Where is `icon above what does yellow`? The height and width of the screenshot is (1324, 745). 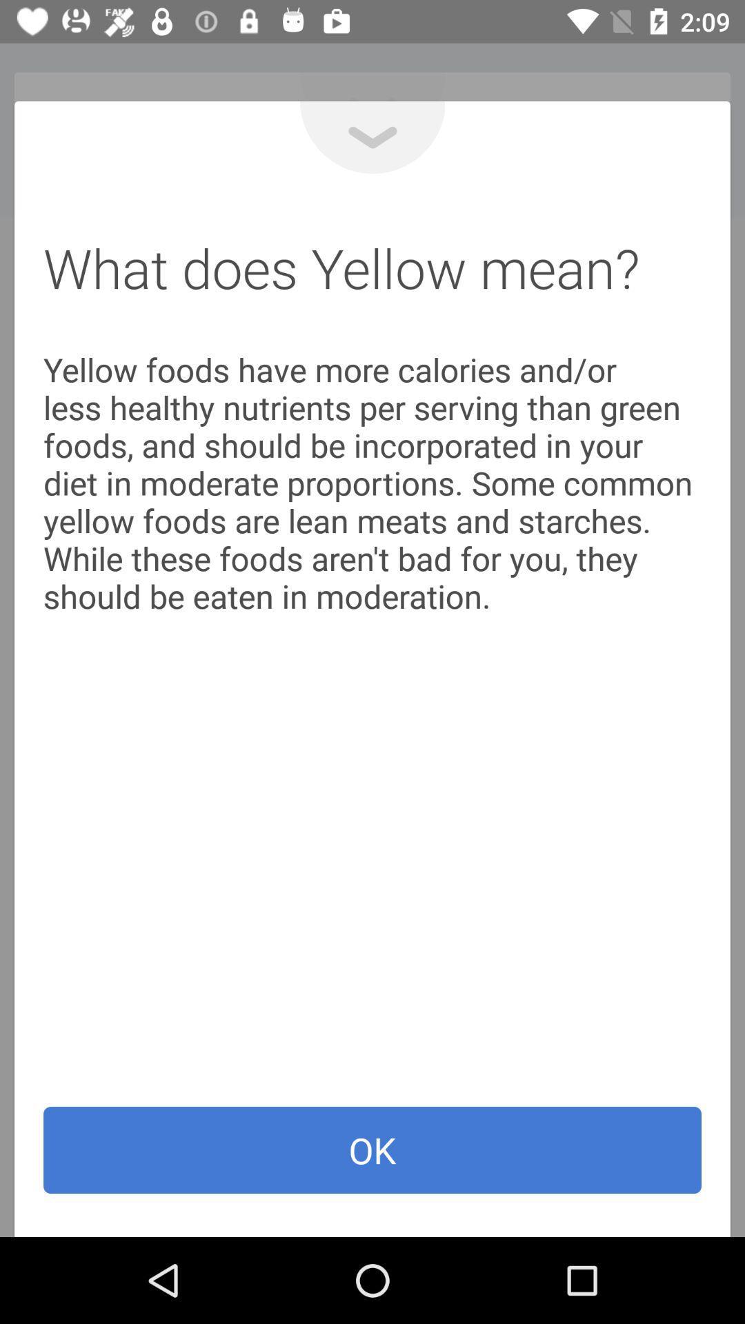
icon above what does yellow is located at coordinates (372, 137).